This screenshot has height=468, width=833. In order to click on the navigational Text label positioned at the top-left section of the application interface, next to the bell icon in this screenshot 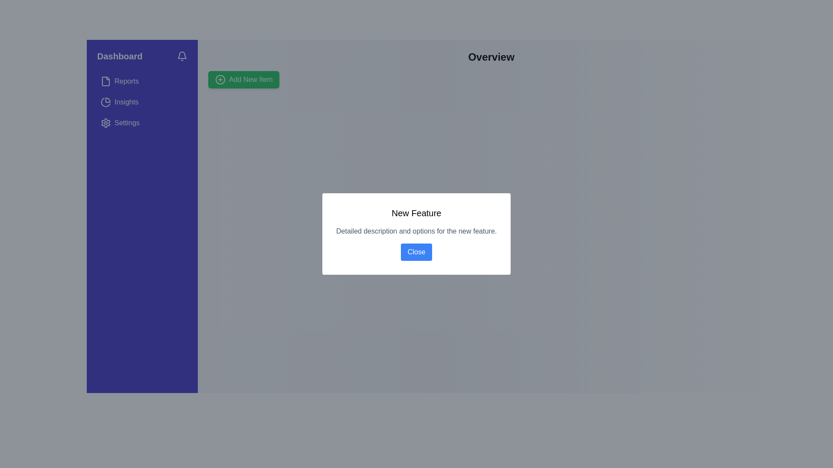, I will do `click(119, 56)`.